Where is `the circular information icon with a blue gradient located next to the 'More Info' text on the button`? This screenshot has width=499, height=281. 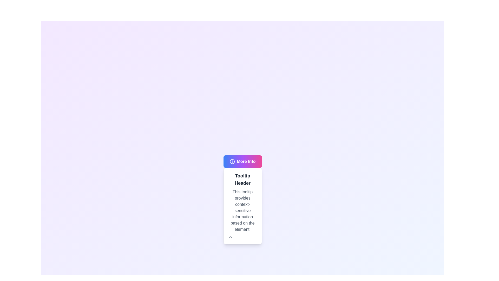 the circular information icon with a blue gradient located next to the 'More Info' text on the button is located at coordinates (232, 161).